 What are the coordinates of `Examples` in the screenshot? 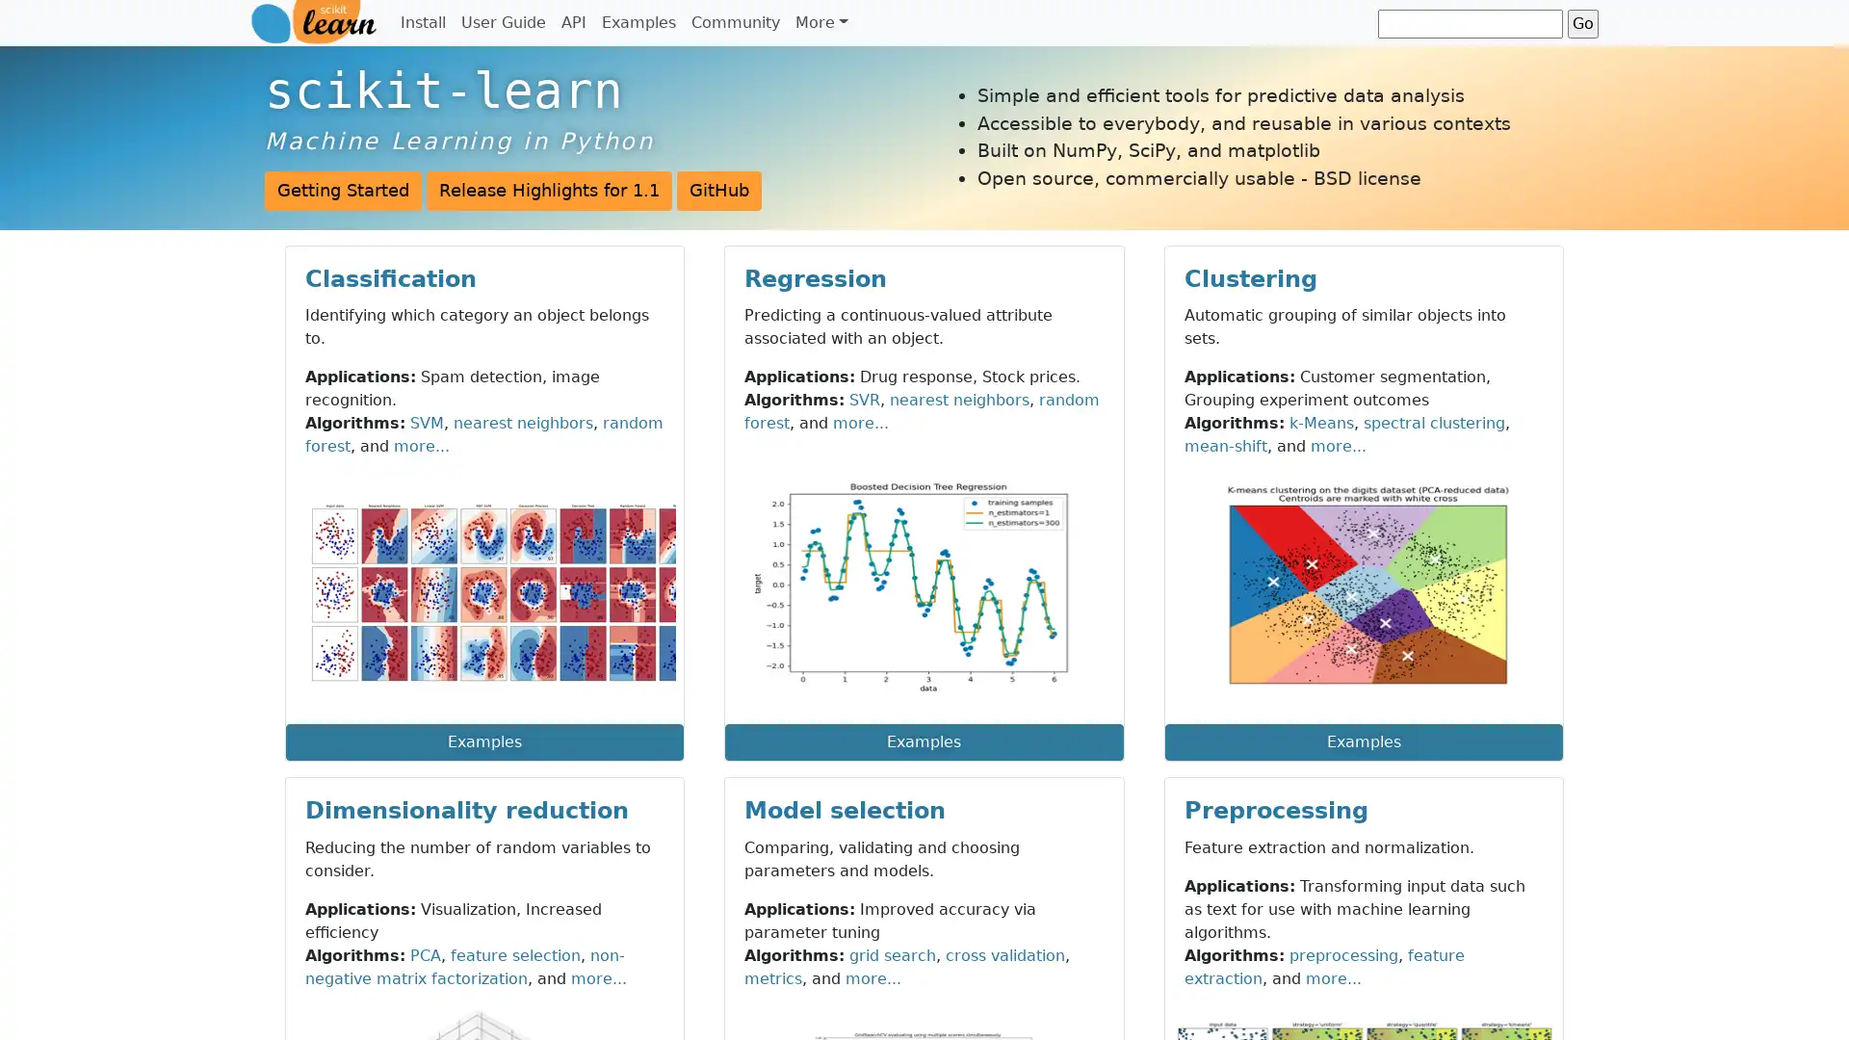 It's located at (1363, 741).